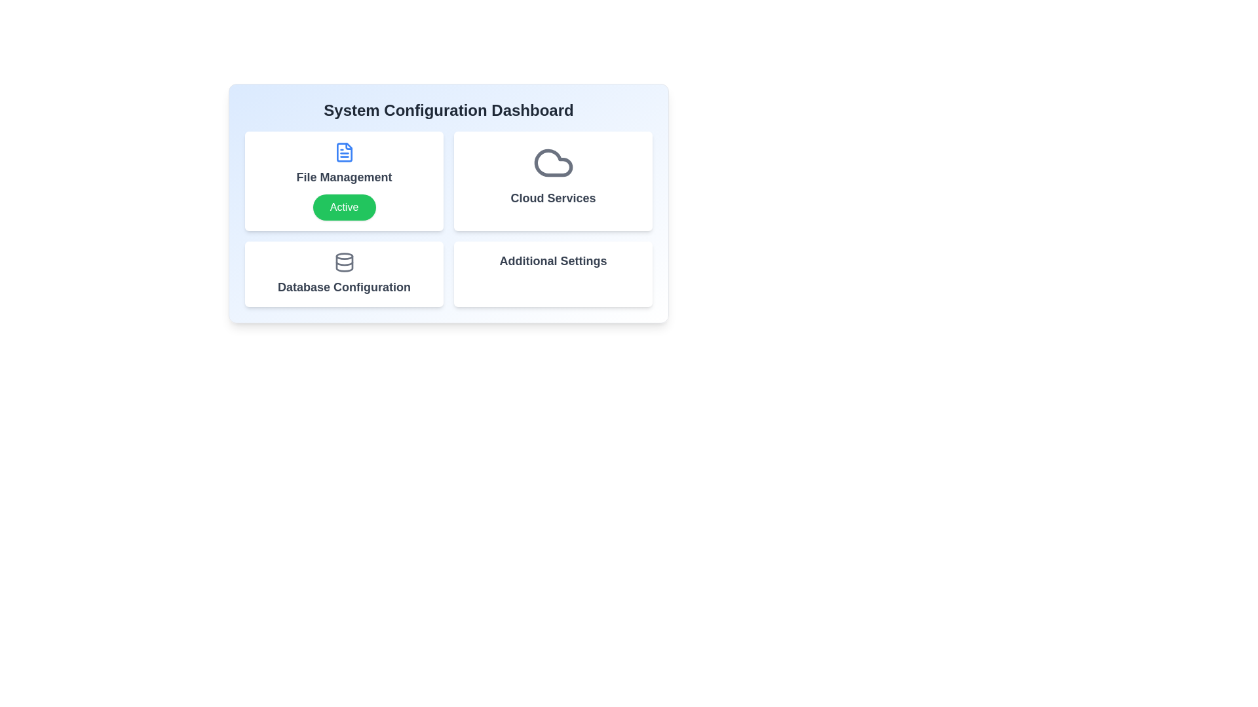 The image size is (1258, 707). I want to click on the decorative graphical component that represents the top lid of the database icon, located in the lower-left quadrant of the interface, so click(344, 256).